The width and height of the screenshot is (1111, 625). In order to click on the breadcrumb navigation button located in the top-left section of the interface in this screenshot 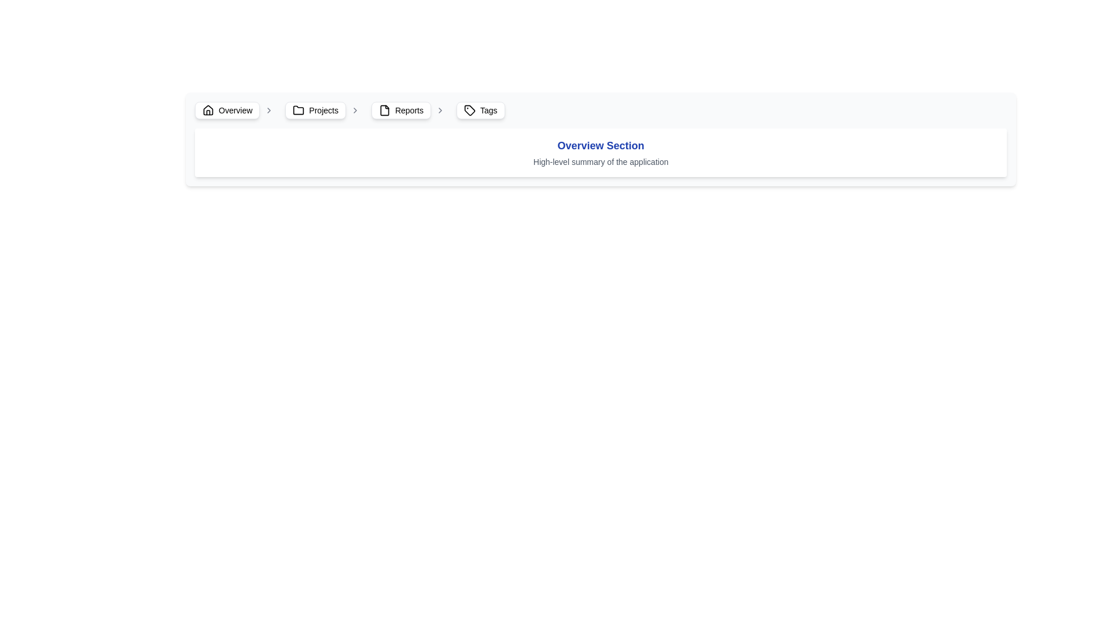, I will do `click(236, 111)`.